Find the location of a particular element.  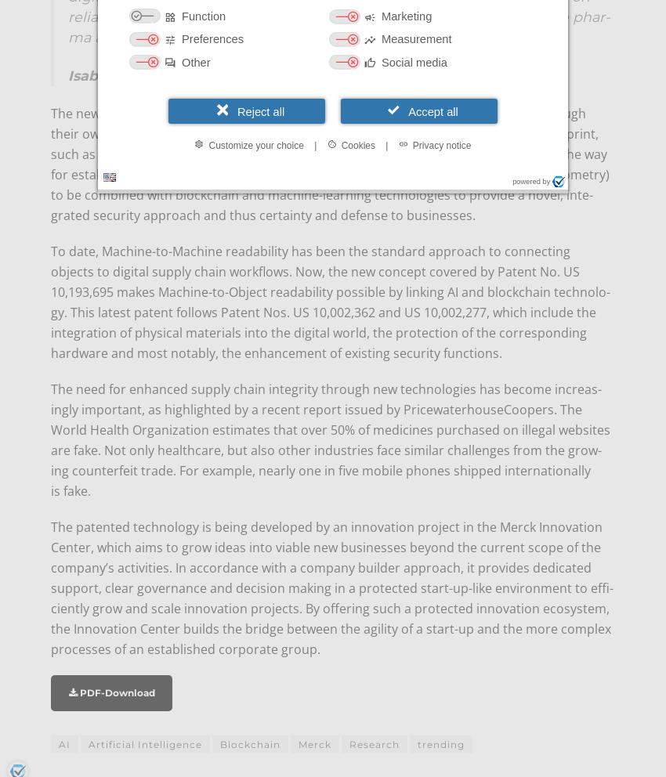

'The new tech­nol­o­gy uses machine learn­ing to link phys­i­cal objects to a blockchain through their own unique iden­ti­fiers or ‘fin­ger­prints‘. Any unique fea­ture can be used as a fin­ger­print, such as a chem­i­cal sig­na­ture, DNA, or image pat­terns. The patent­ed tech­nol­o­gy paves the way for estab­lished iden­ti­fi­ca­tion process­es (for exam­ple bar­code scan­ners or mass spec­trom­e­try) to be com­bined with blockchain and machine-learn­ing tech­nolo­gies to pro­vide a nov­el, inte­grat­ed secu­ri­ty approach and thus cer­tain­ty and defense to businesses.' is located at coordinates (330, 164).